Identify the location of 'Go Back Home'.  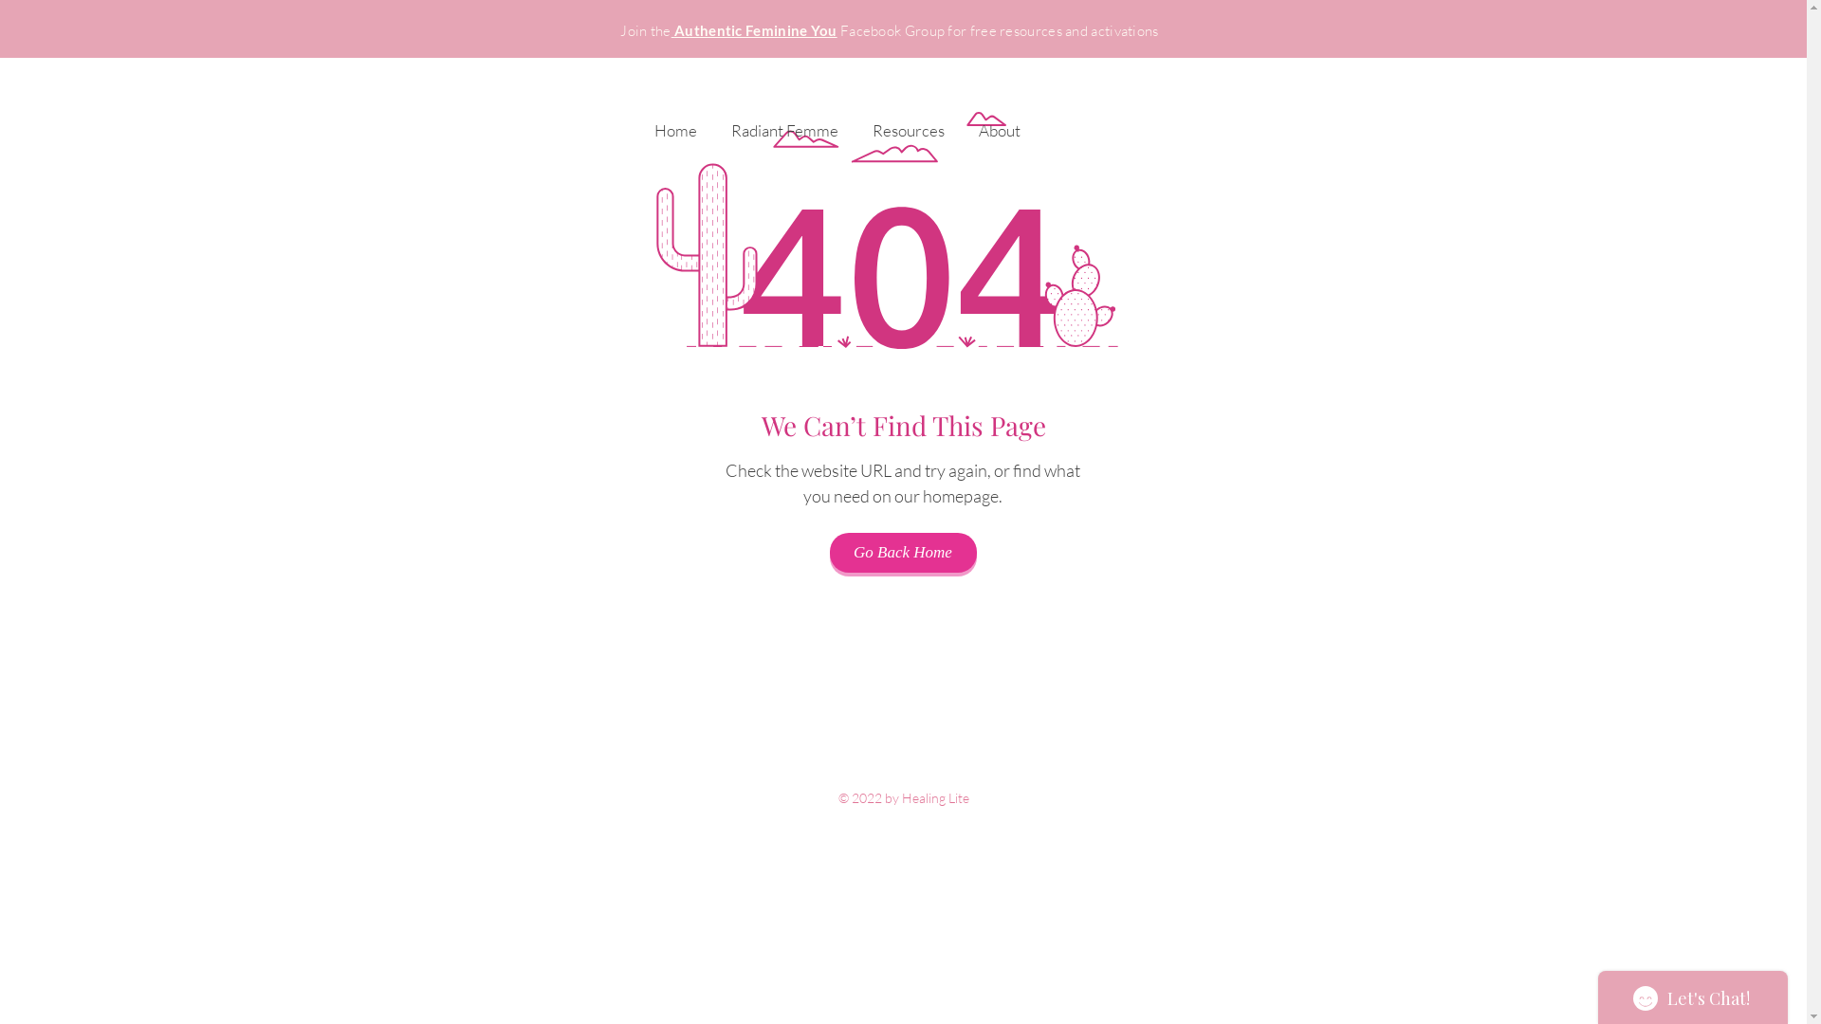
(901, 552).